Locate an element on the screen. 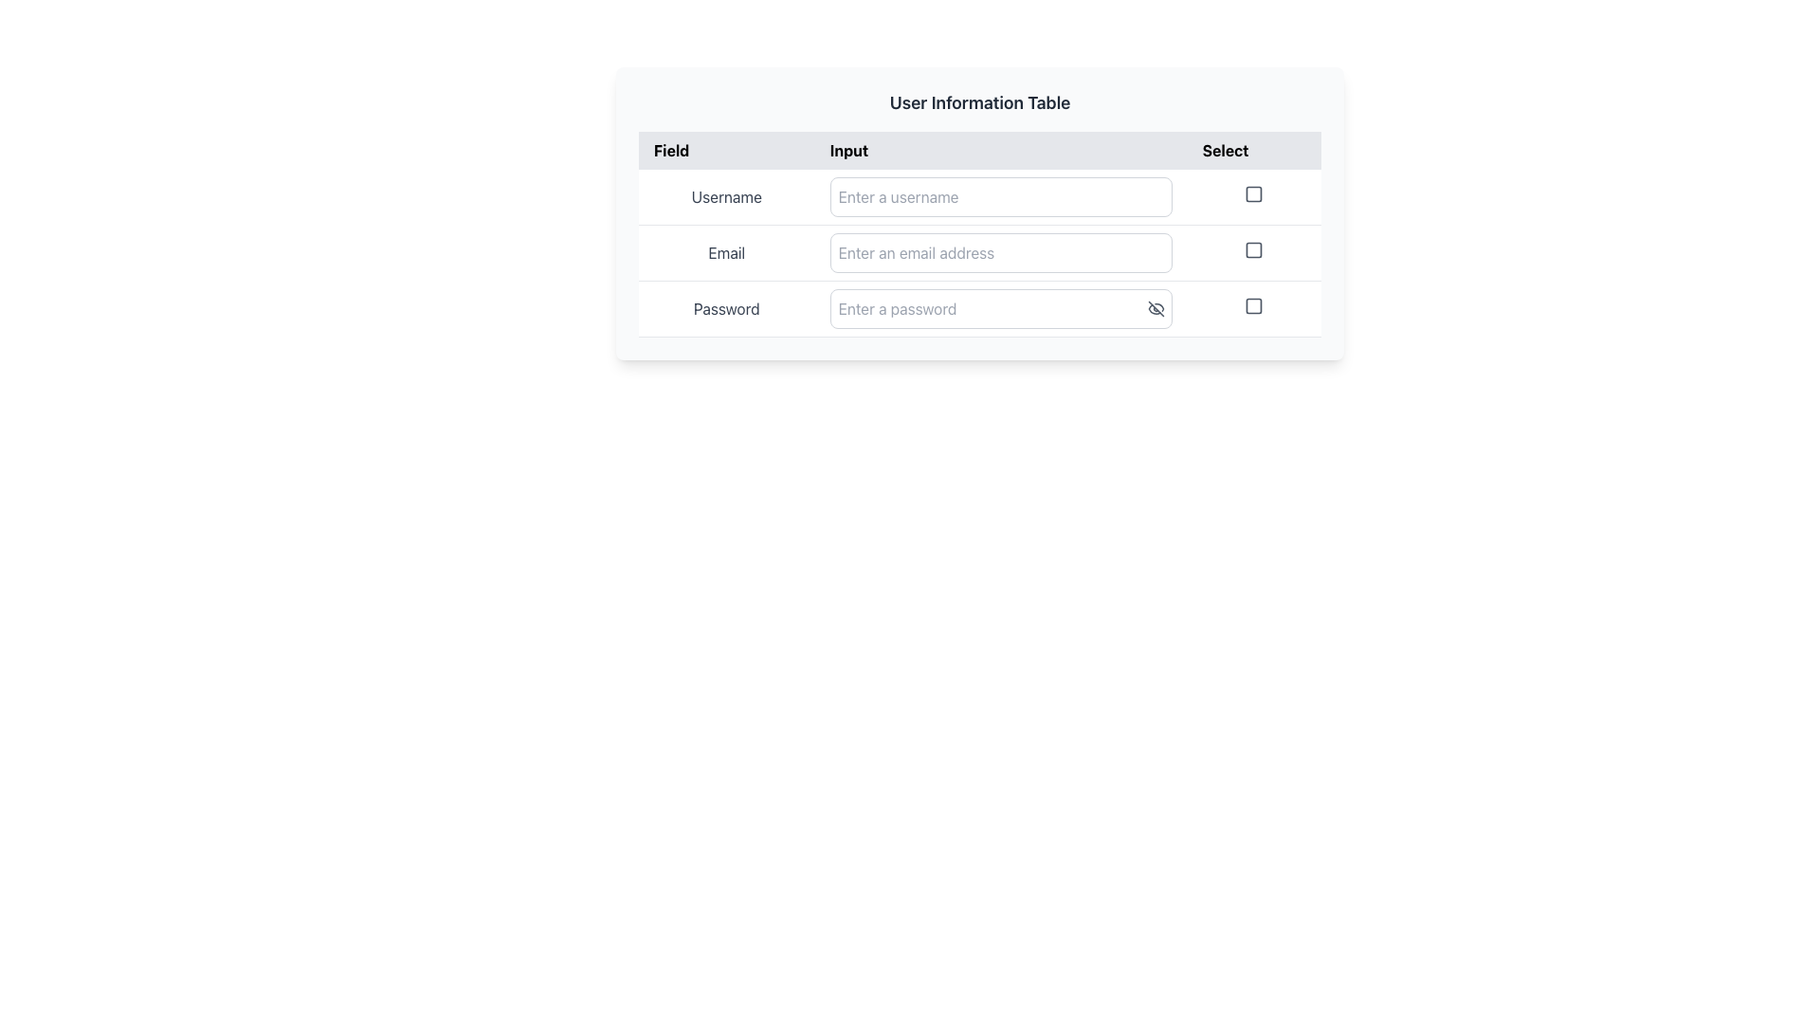 Image resolution: width=1820 pixels, height=1024 pixels. the password input field located in the 'Password' row of the table under the 'Input' column is located at coordinates (1000, 308).